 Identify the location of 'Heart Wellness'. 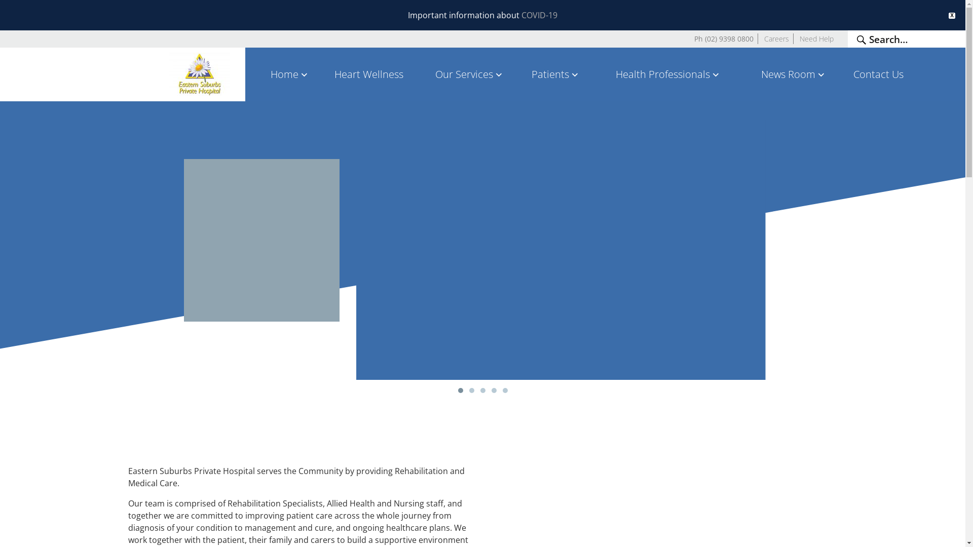
(368, 73).